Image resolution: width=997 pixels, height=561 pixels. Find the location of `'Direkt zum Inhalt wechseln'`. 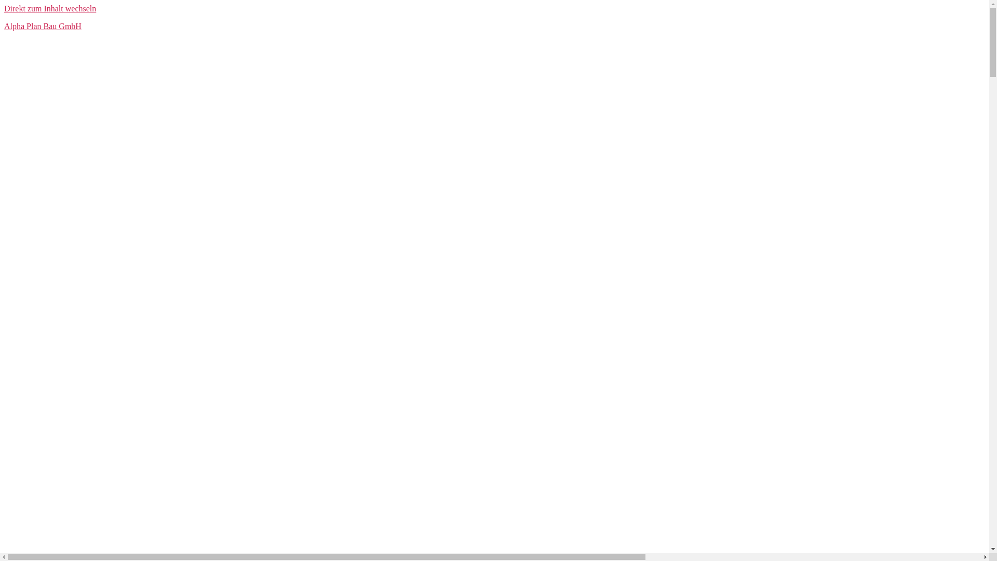

'Direkt zum Inhalt wechseln' is located at coordinates (4, 8).